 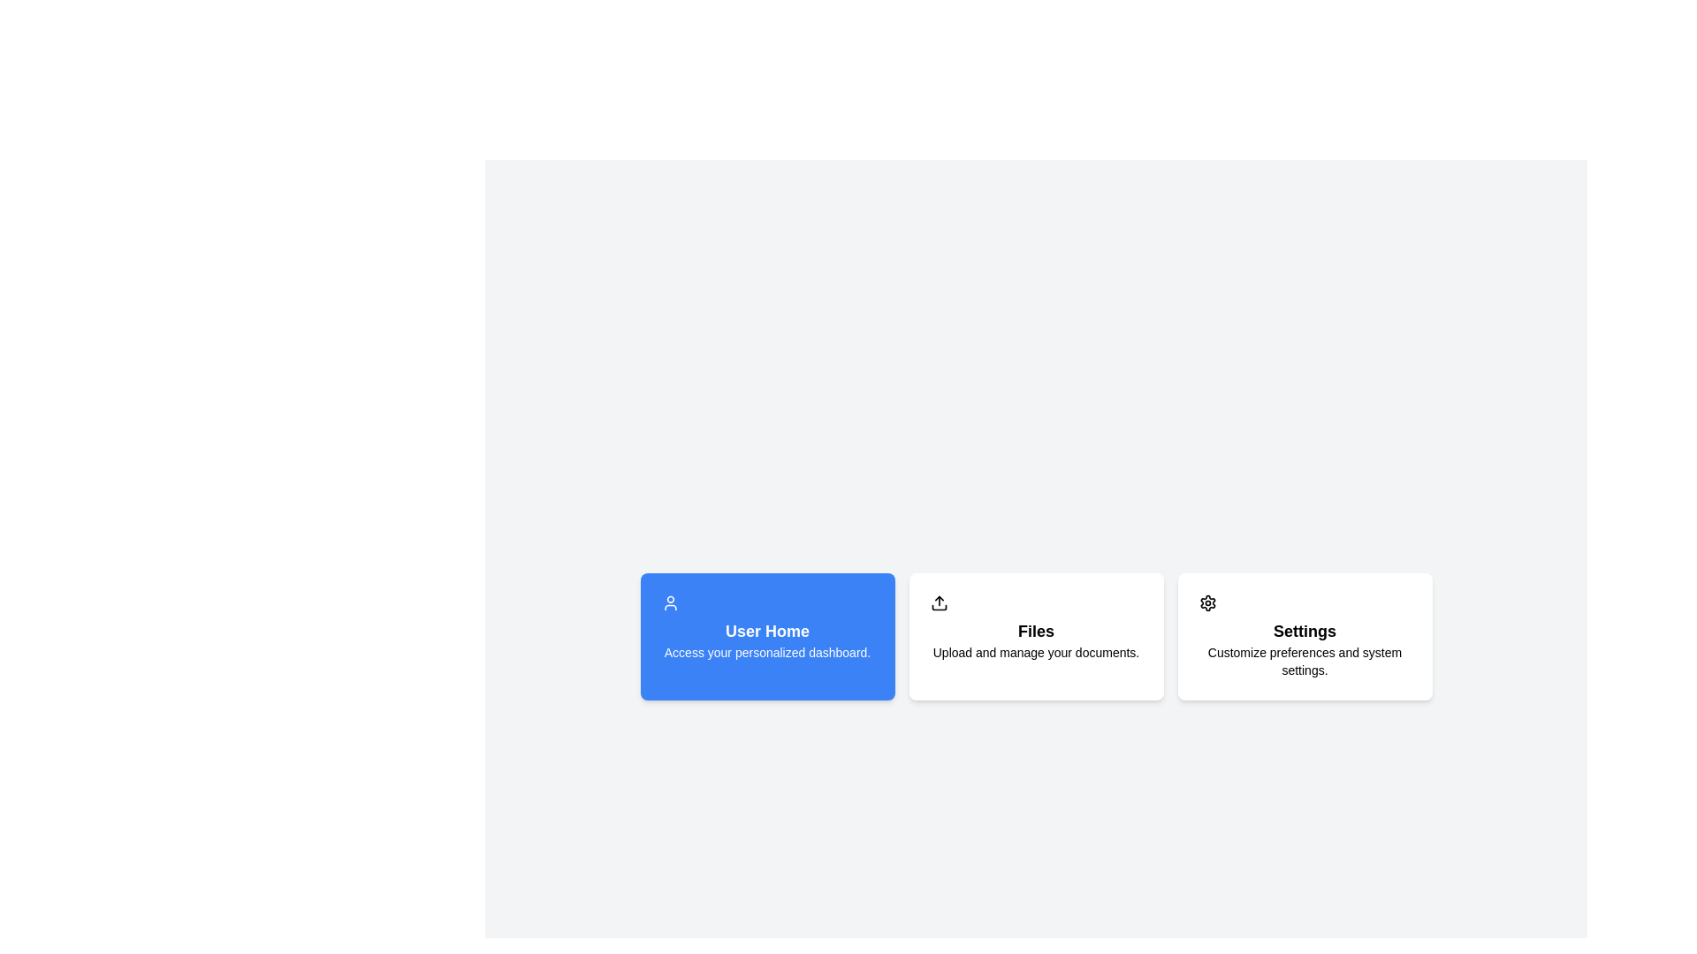 I want to click on the central navigational card that leads to the file management page, positioned between 'User Home' and 'Settings' in a three-column layout, so click(x=1036, y=637).